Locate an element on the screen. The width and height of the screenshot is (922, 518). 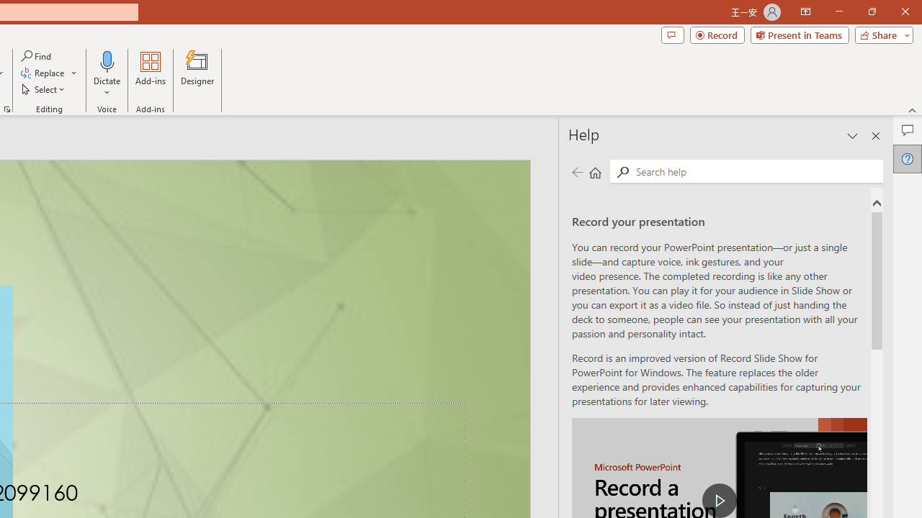
'Dictate' is located at coordinates (107, 74).